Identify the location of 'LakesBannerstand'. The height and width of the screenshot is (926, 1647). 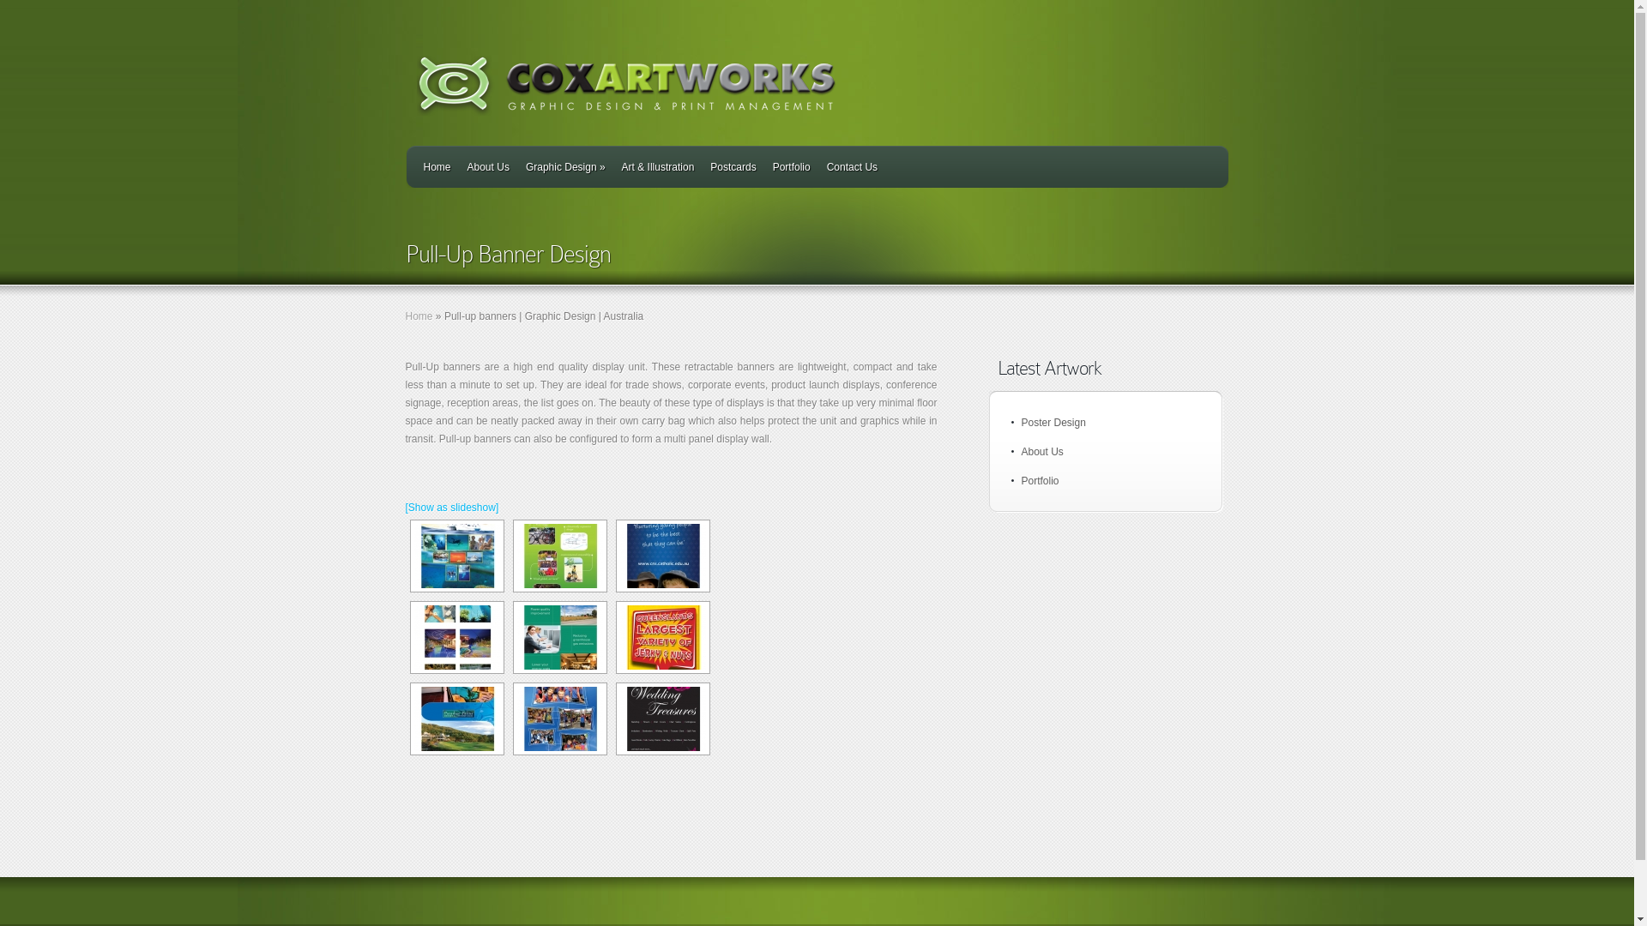
(456, 719).